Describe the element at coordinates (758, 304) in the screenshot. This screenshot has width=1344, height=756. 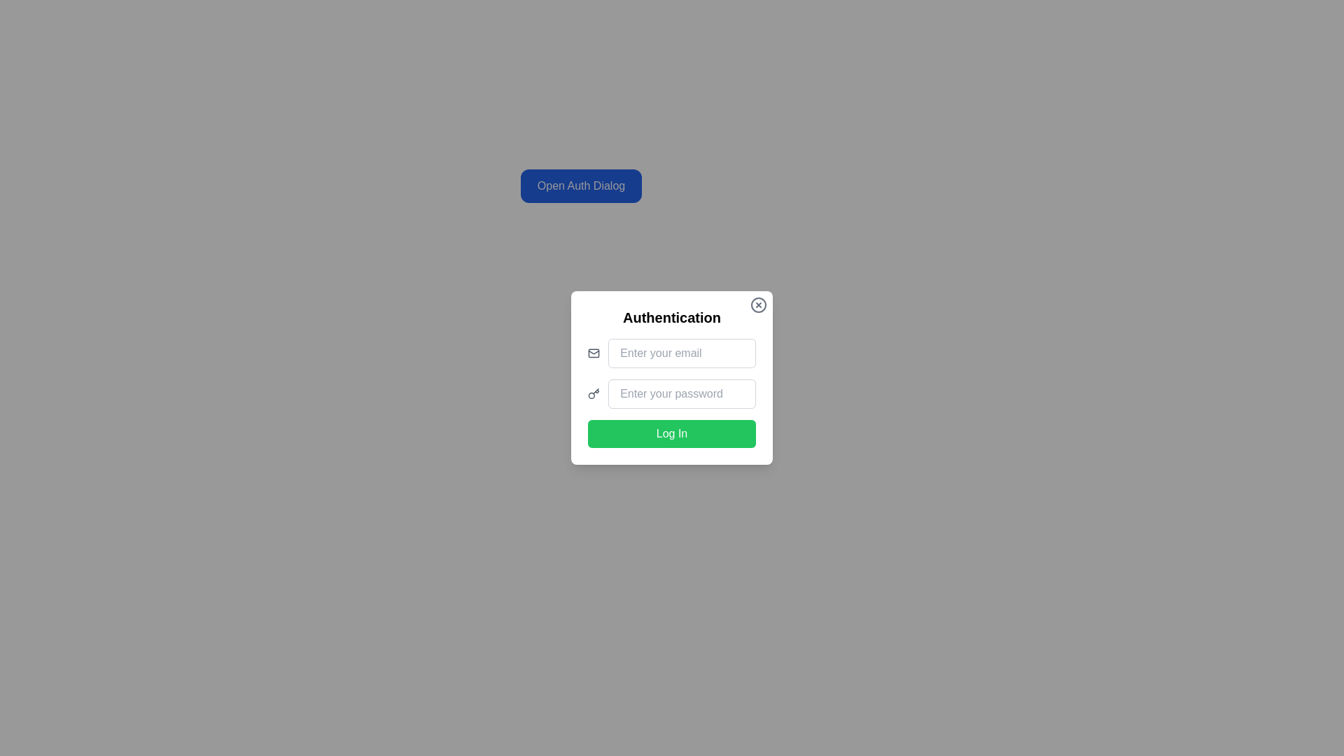
I see `the interactive button with a gray border and 'X' shape located at the top-right corner of the 'Authentication' dialog box` at that location.